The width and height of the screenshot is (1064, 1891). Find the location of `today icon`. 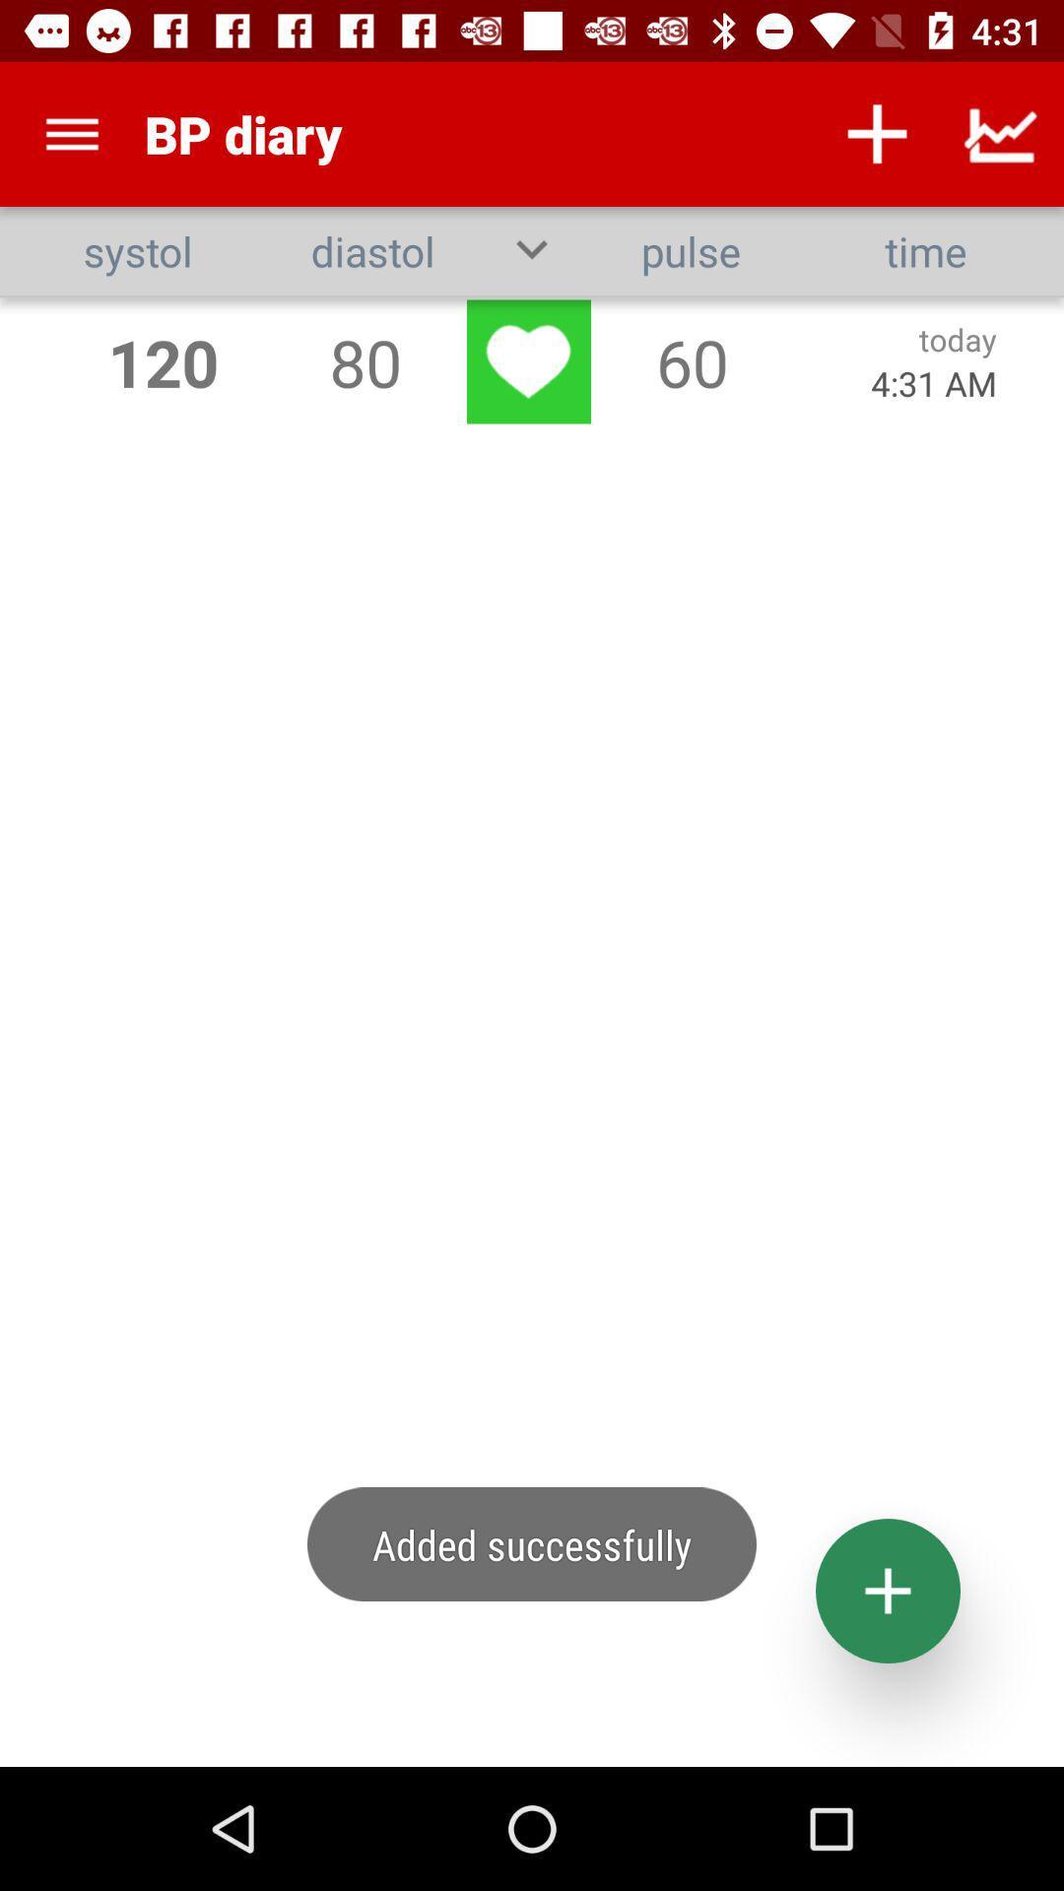

today icon is located at coordinates (957, 339).